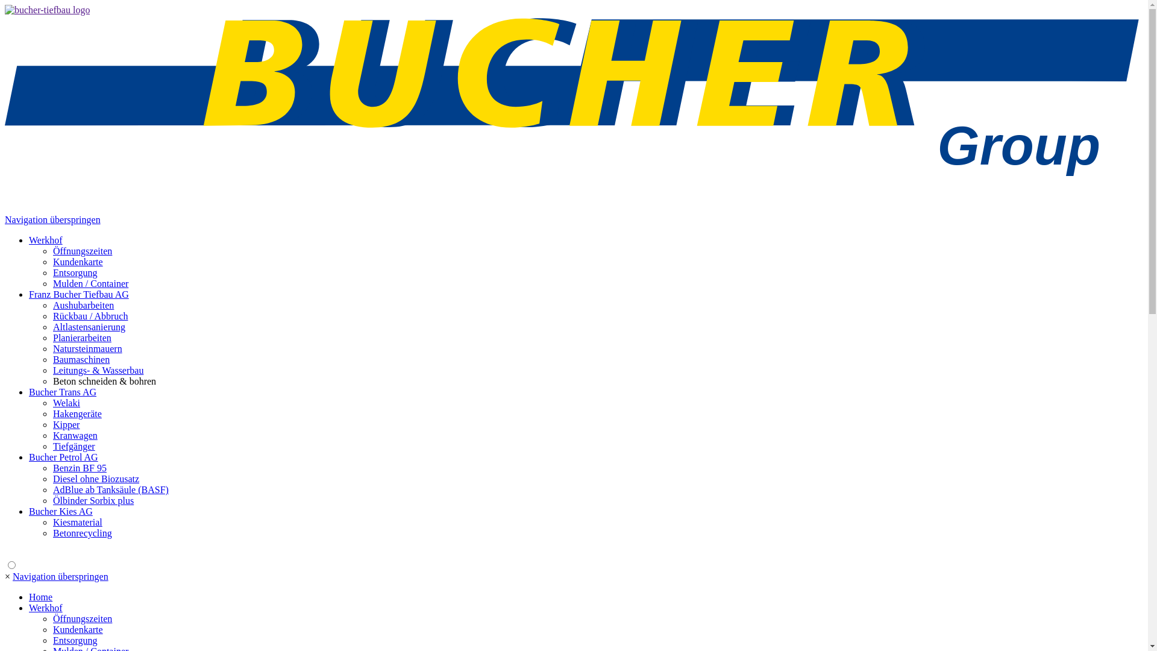  What do you see at coordinates (89, 327) in the screenshot?
I see `'Altlastensanierung'` at bounding box center [89, 327].